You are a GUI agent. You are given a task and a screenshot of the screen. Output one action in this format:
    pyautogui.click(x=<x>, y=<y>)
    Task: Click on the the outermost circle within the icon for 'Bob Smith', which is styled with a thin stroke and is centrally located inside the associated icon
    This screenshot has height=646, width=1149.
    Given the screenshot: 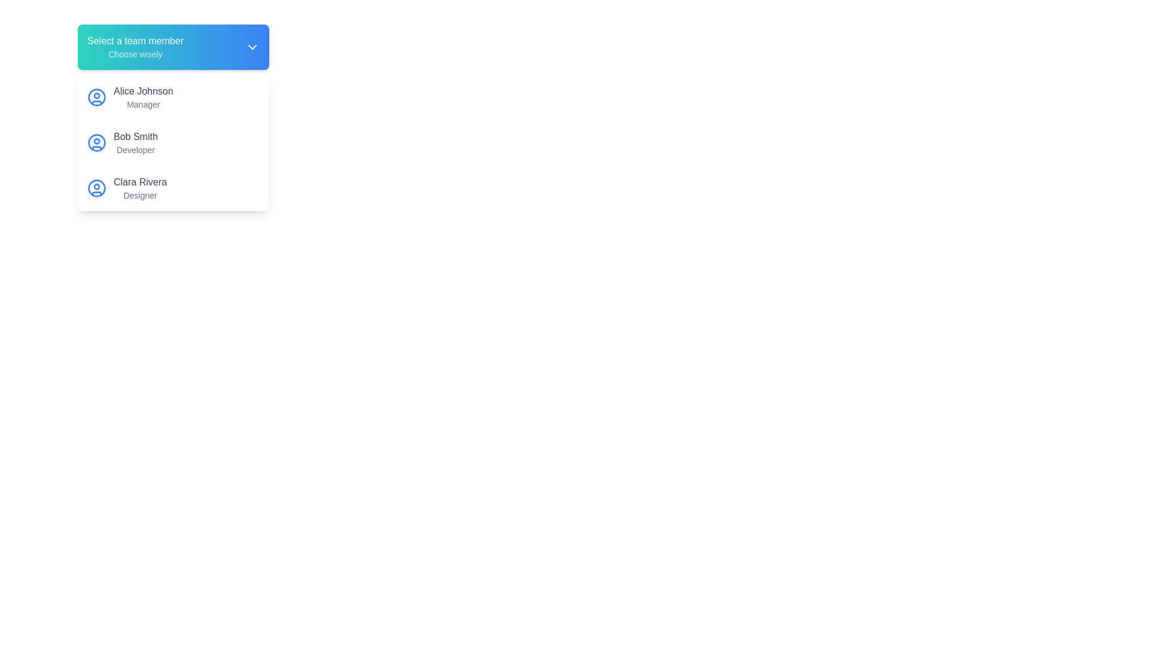 What is the action you would take?
    pyautogui.click(x=97, y=142)
    